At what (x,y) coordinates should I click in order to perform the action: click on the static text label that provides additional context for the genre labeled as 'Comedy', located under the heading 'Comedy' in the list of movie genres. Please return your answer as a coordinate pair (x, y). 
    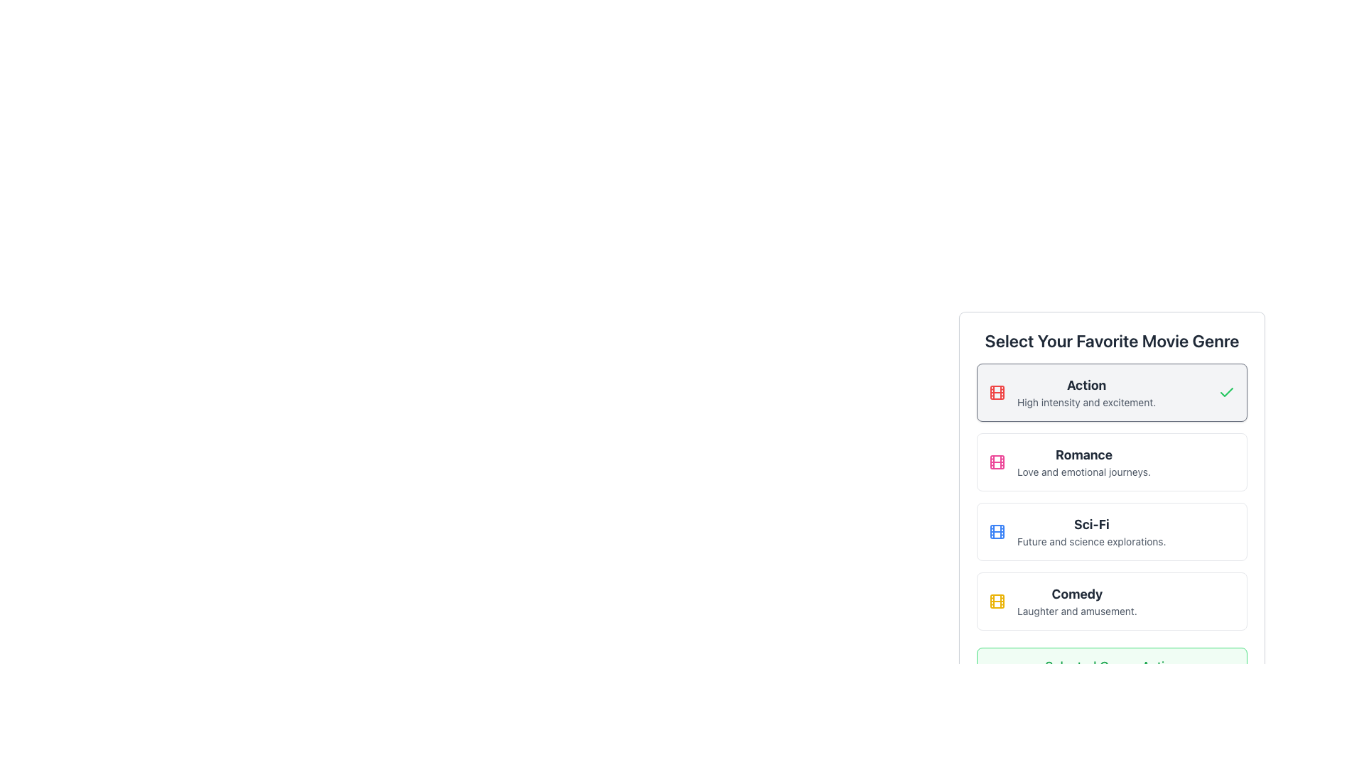
    Looking at the image, I should click on (1077, 610).